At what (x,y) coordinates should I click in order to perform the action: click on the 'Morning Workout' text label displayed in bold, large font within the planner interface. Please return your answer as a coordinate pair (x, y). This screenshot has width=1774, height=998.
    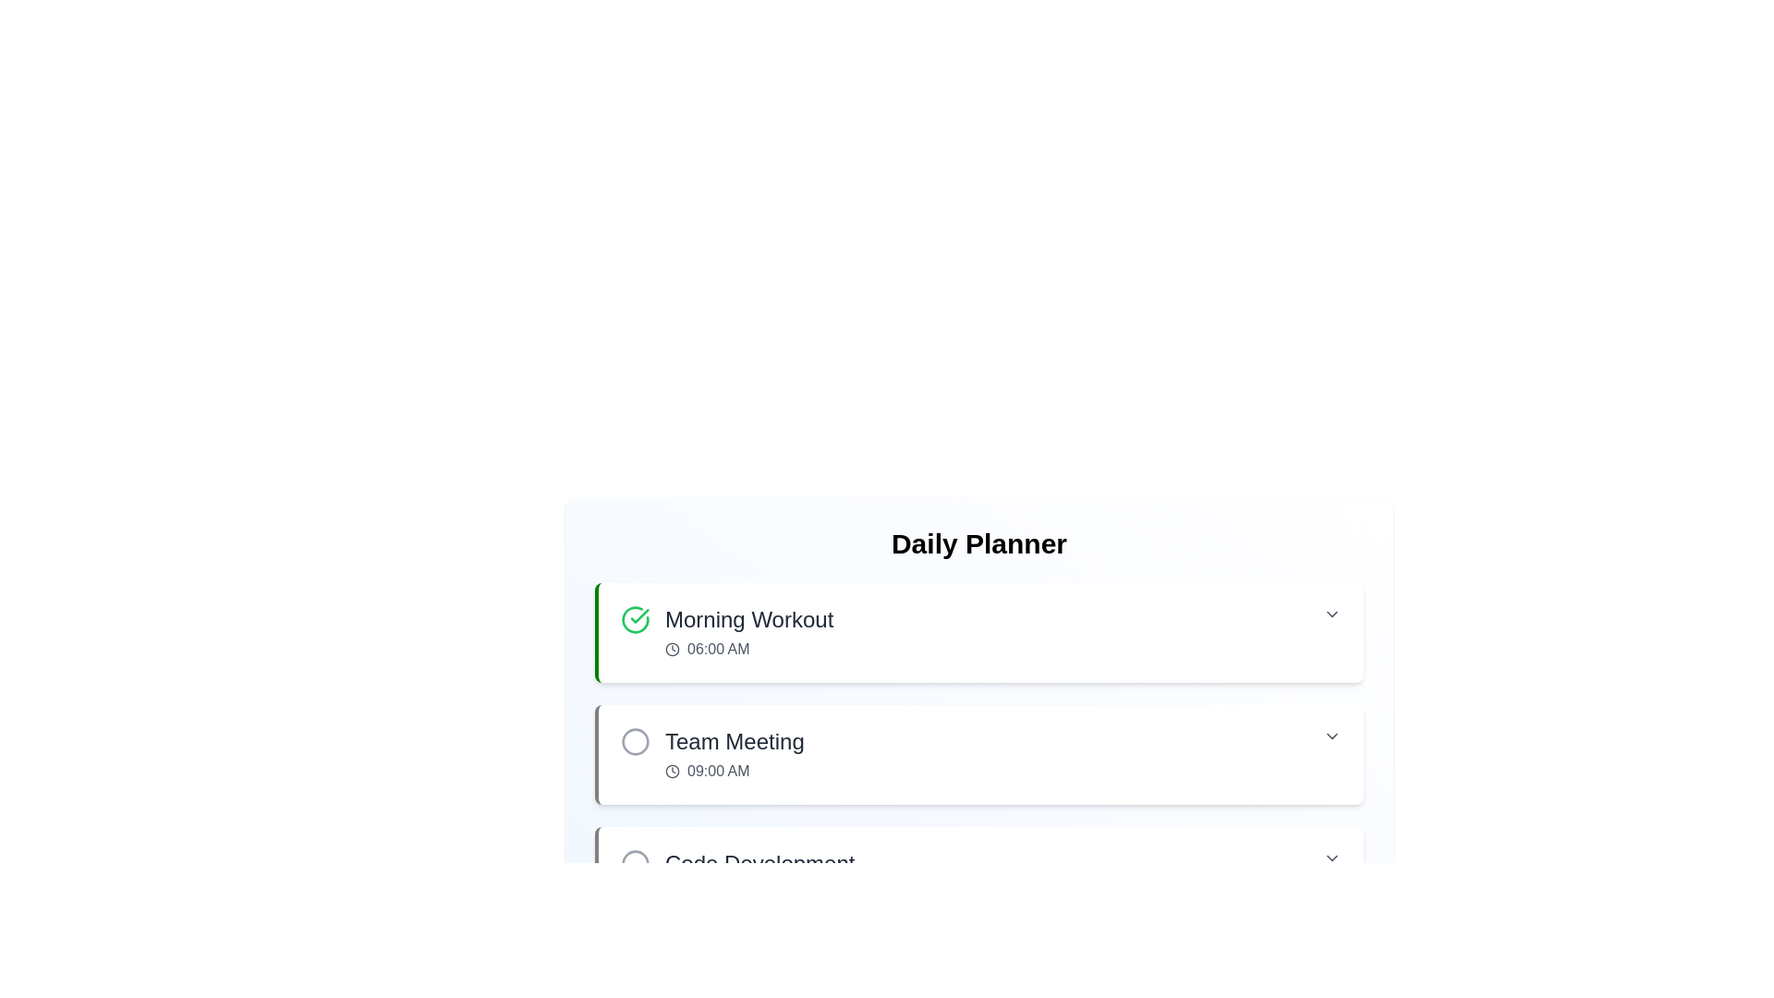
    Looking at the image, I should click on (749, 620).